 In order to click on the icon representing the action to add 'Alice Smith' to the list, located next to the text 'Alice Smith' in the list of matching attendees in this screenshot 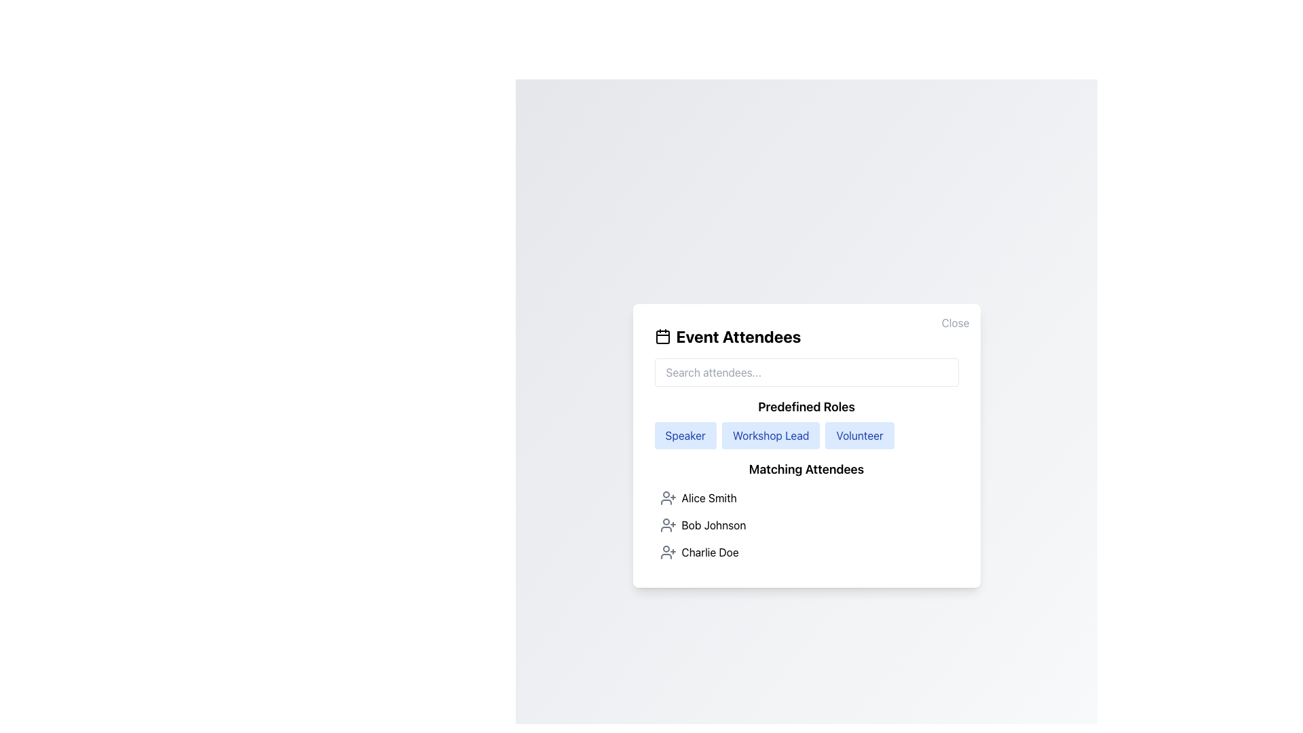, I will do `click(668, 497)`.